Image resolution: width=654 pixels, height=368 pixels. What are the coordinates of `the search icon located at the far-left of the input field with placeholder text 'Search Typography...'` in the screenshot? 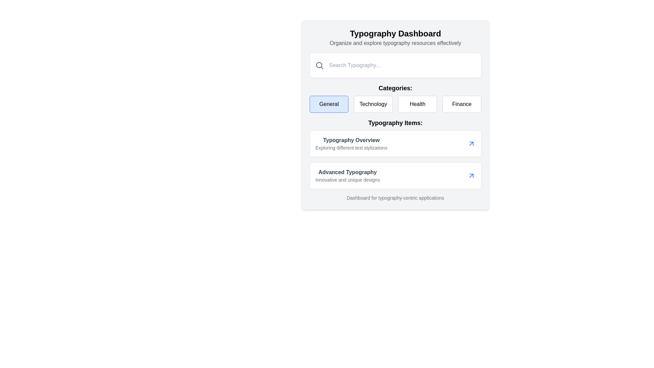 It's located at (319, 65).